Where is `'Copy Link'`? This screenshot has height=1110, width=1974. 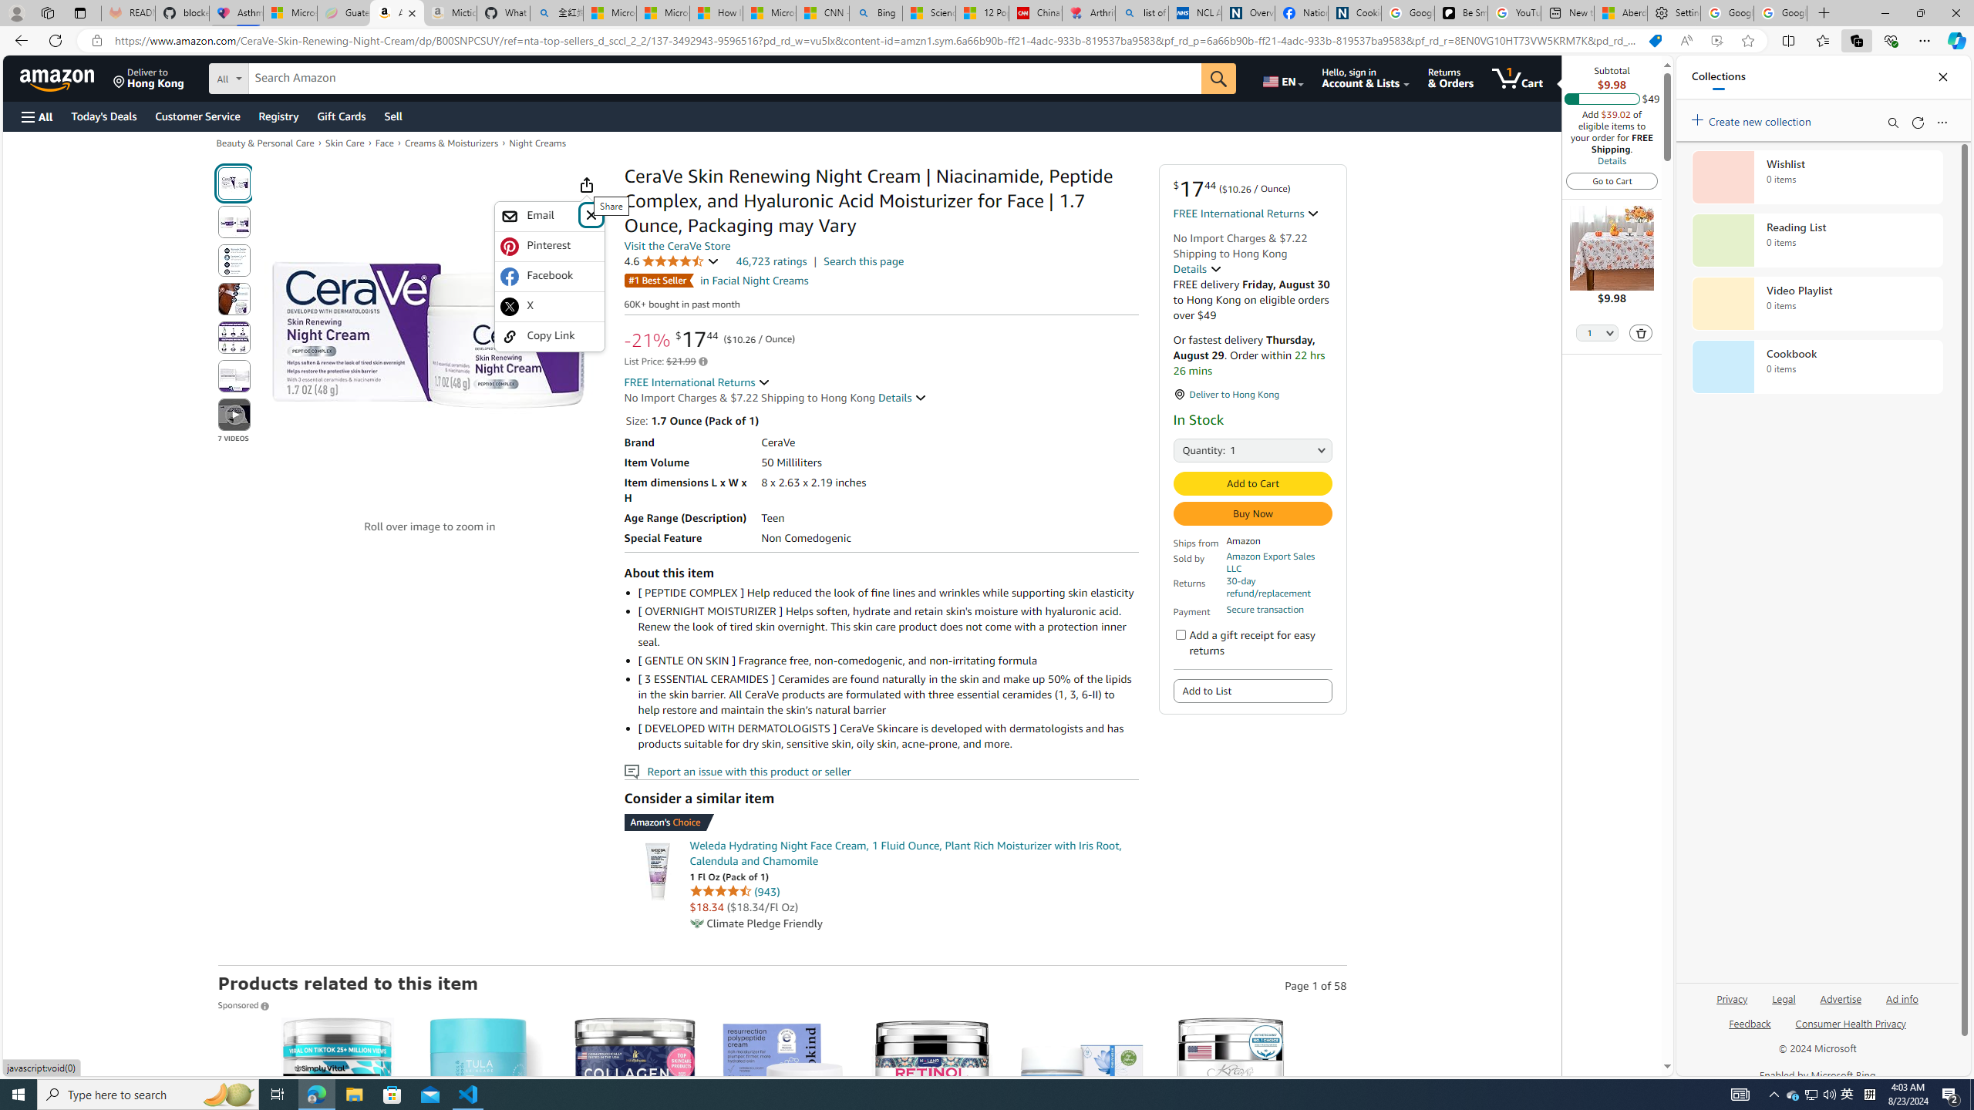 'Copy Link' is located at coordinates (549, 336).